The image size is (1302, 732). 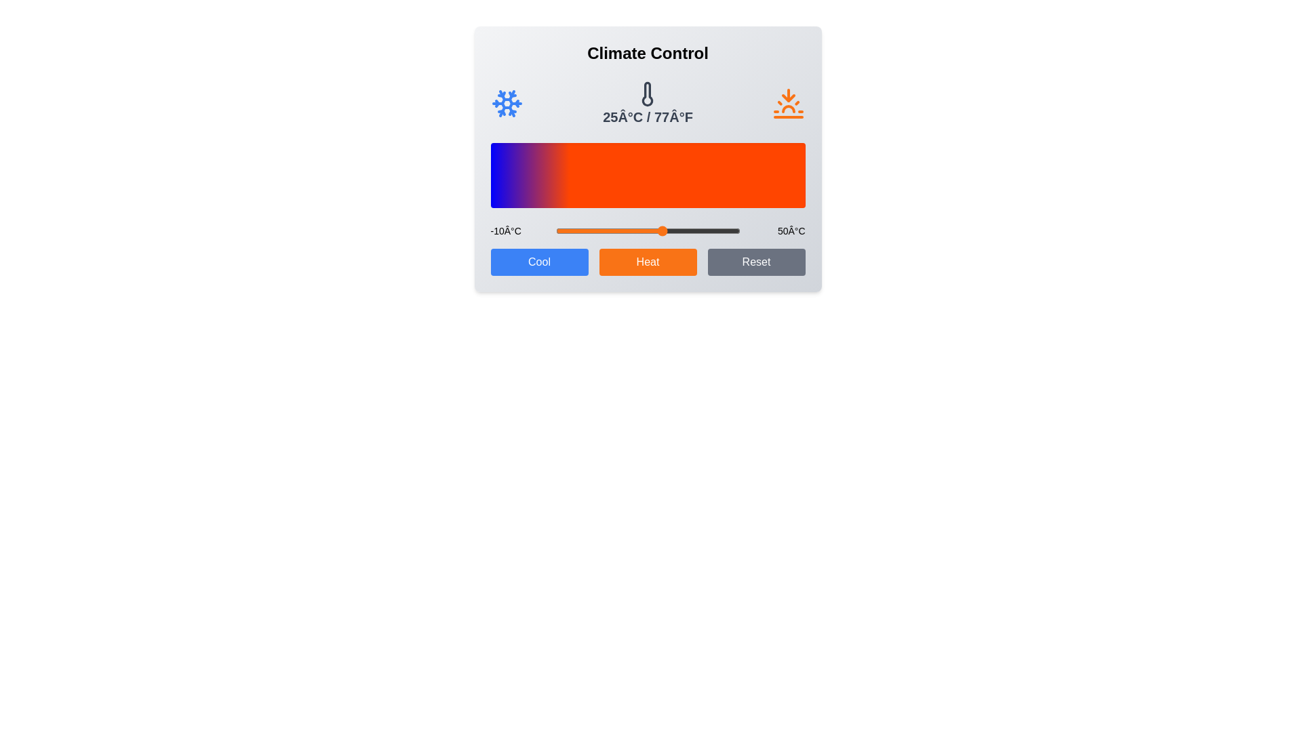 What do you see at coordinates (644, 230) in the screenshot?
I see `the temperature slider to 19 degrees Celsius` at bounding box center [644, 230].